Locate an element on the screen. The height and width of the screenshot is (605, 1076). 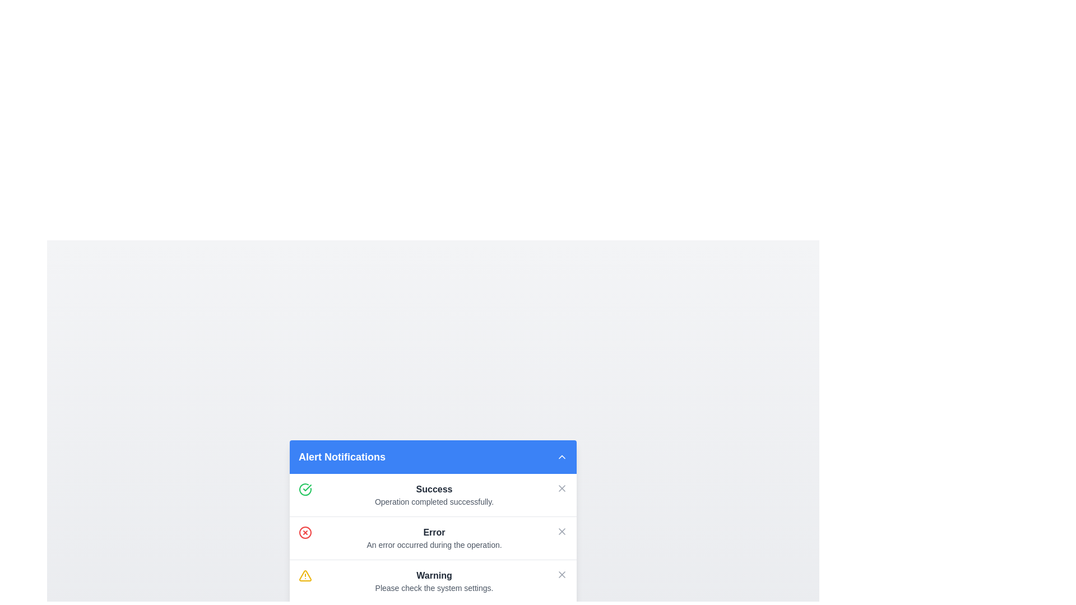
title 'Success' and the description 'Operation completed successfully.' from the Notification item located in the middle of the notification list section under the blue header 'Alert Notifications.' is located at coordinates (433, 494).